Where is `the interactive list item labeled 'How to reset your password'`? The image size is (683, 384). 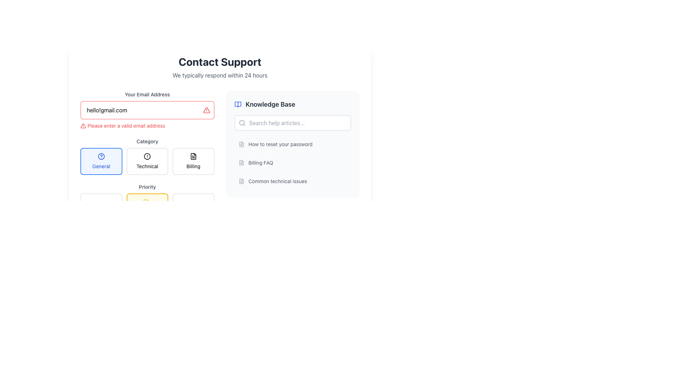 the interactive list item labeled 'How to reset your password' is located at coordinates (292, 144).